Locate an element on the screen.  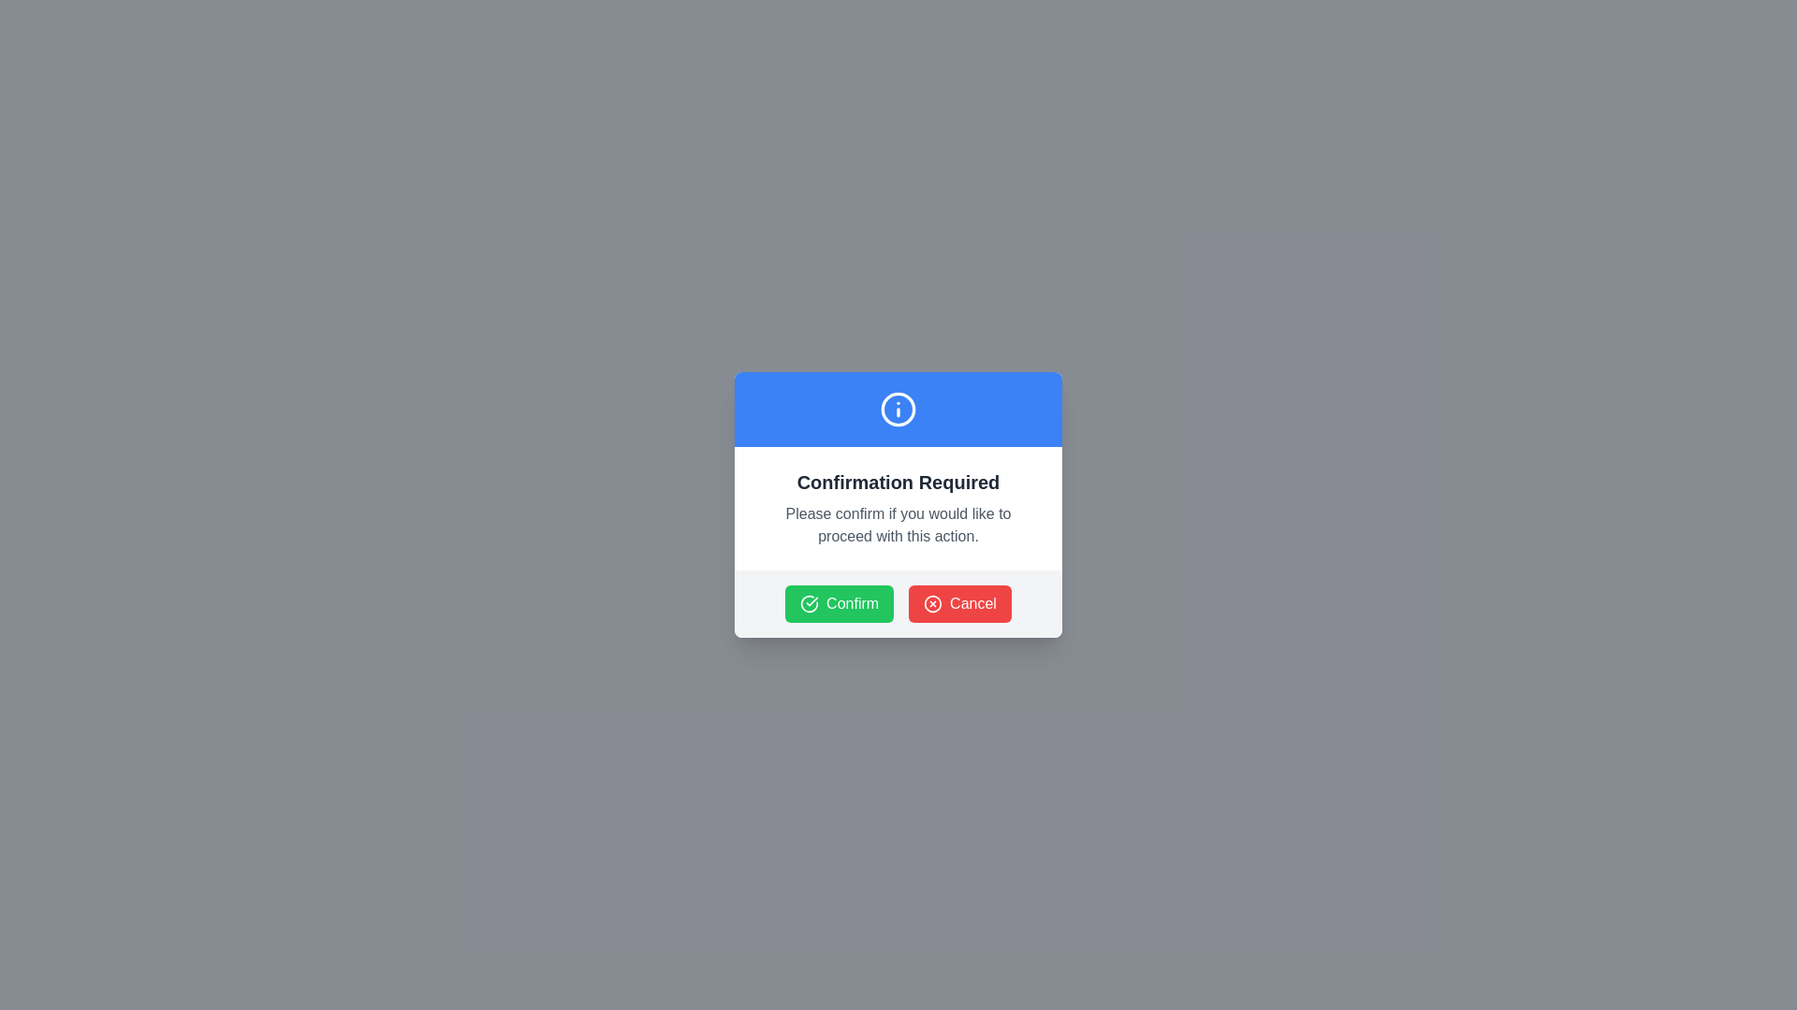
the Text block that conveys information about confirmation requirements, positioned centrally beneath the icon section and above the action buttons in the modal is located at coordinates (898, 508).